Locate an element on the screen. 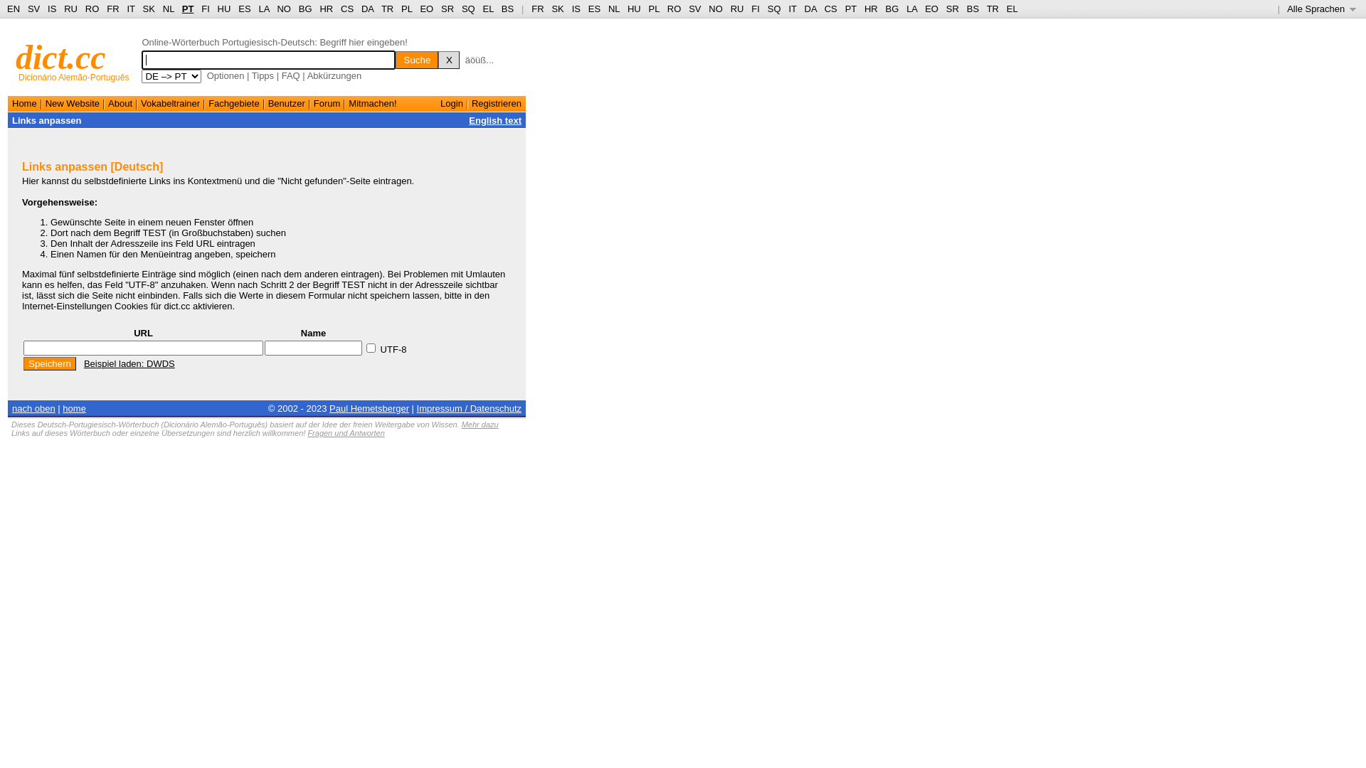  'Speichern' is located at coordinates (50, 363).